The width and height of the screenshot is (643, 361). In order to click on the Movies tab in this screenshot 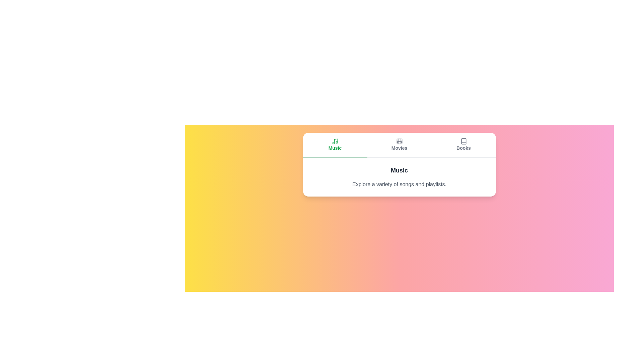, I will do `click(399, 145)`.